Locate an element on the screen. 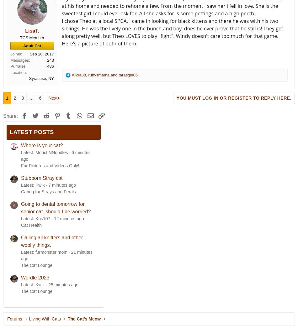 The height and width of the screenshot is (328, 298). '22 minutes ago' is located at coordinates (56, 255).